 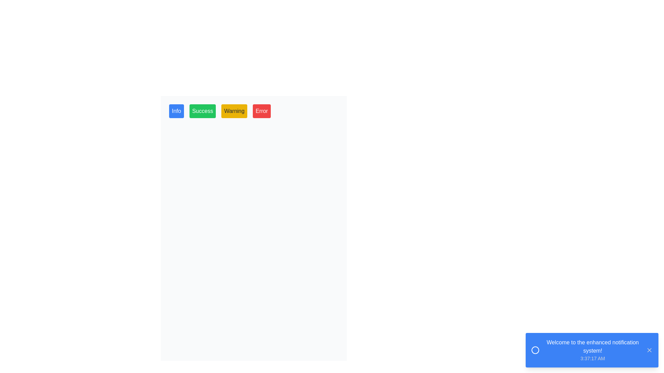 I want to click on the static text label that displays the timestamp for the notification, located at the bottom right of the notification box, so click(x=592, y=358).